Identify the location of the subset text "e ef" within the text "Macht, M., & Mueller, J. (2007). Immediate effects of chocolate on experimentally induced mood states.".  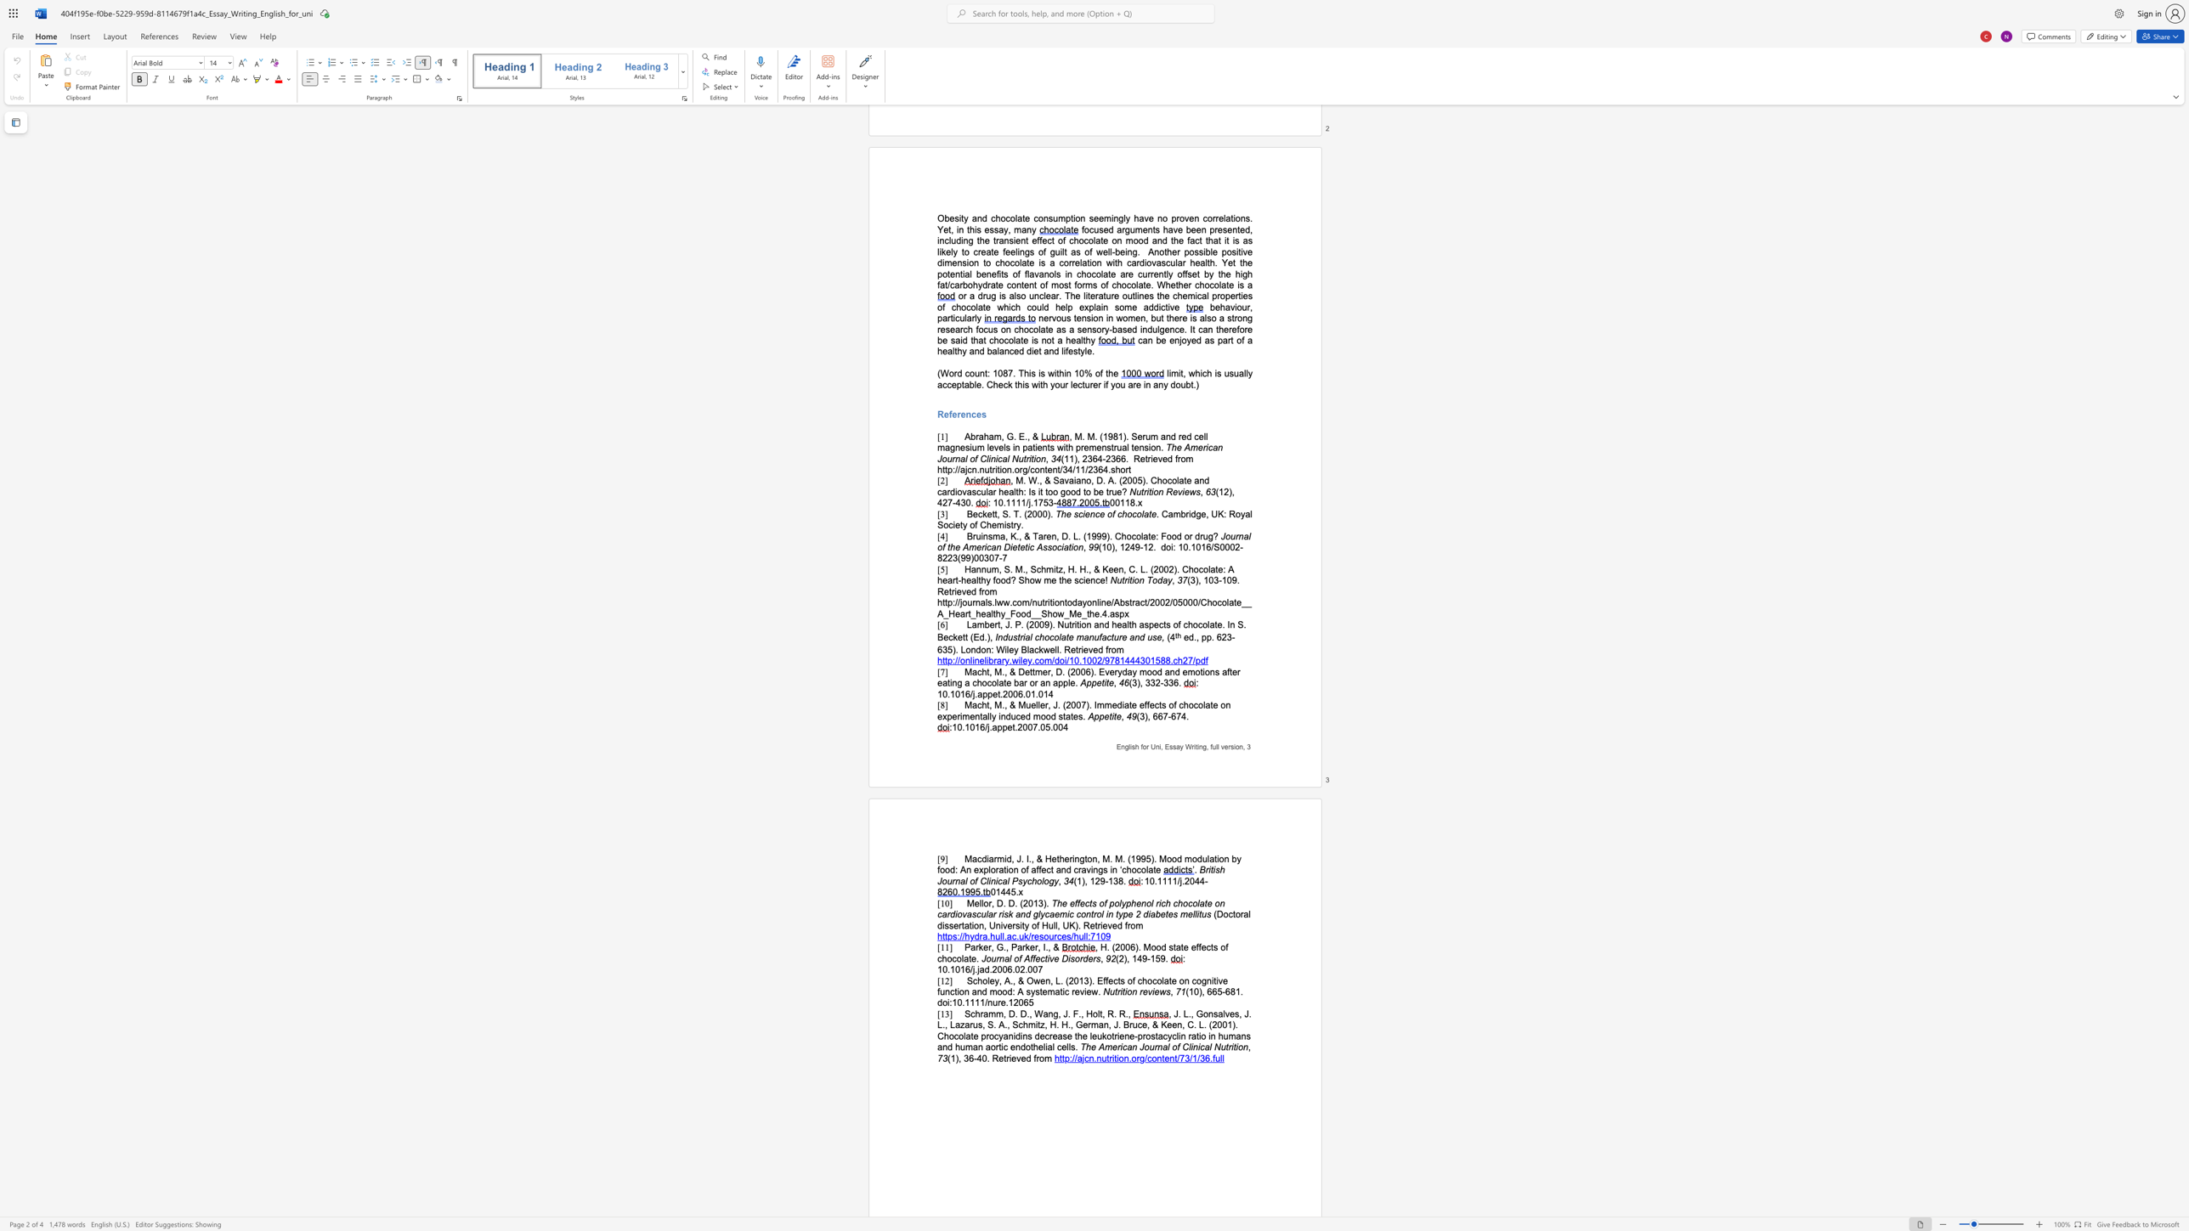
(1131, 704).